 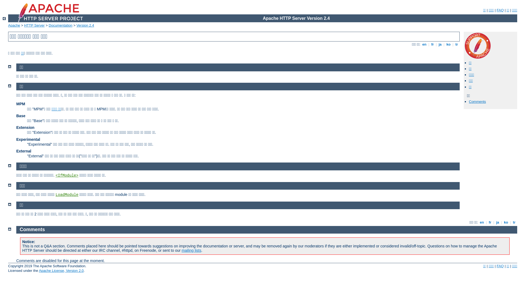 I want to click on ' ko ', so click(x=506, y=222).